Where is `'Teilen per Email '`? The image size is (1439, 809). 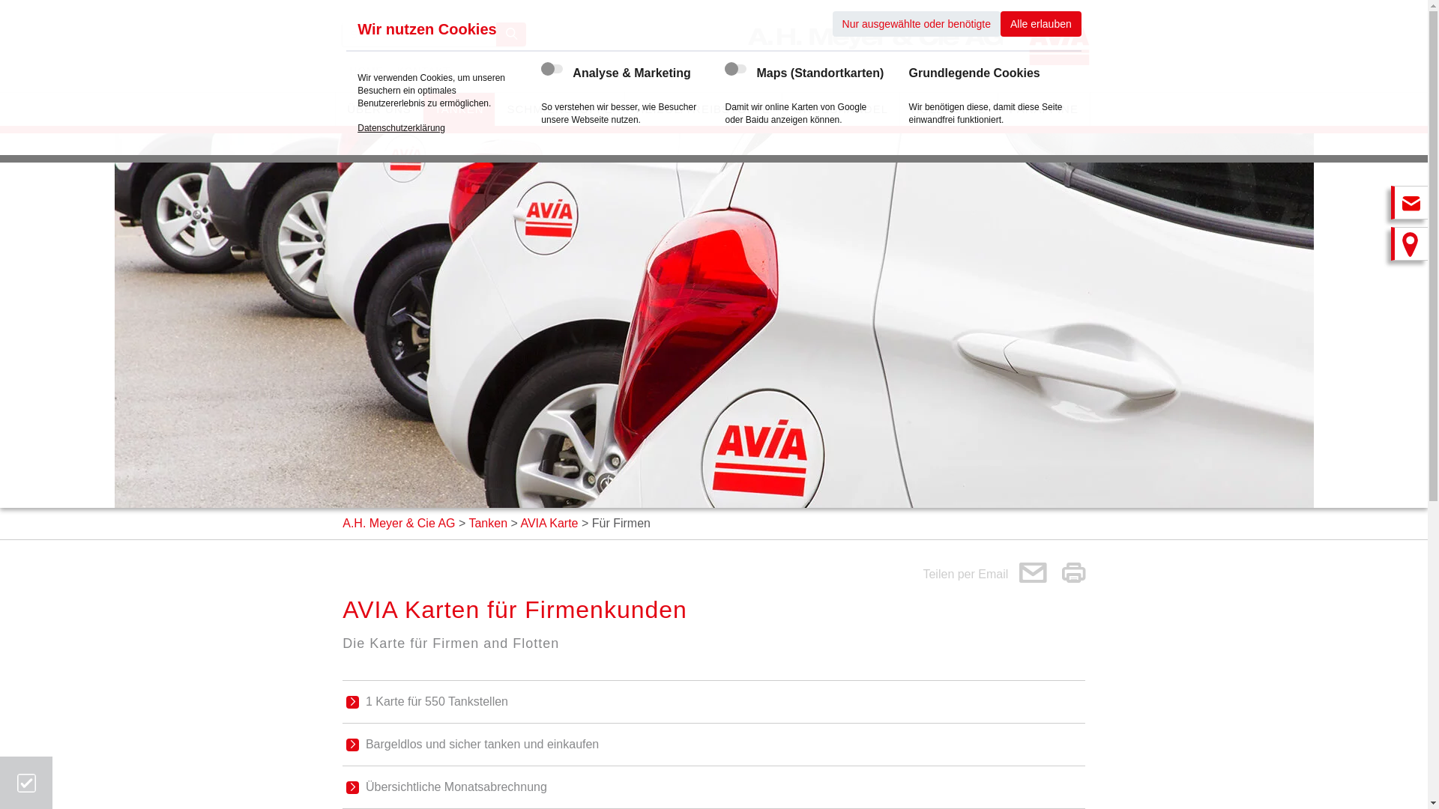 'Teilen per Email ' is located at coordinates (984, 574).